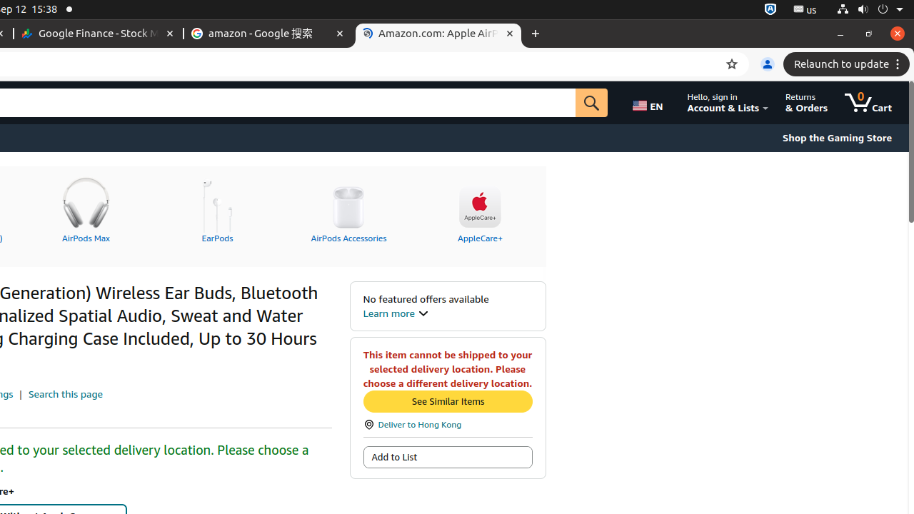 Image resolution: width=914 pixels, height=514 pixels. I want to click on 'Choose a language for shopping.', so click(649, 102).